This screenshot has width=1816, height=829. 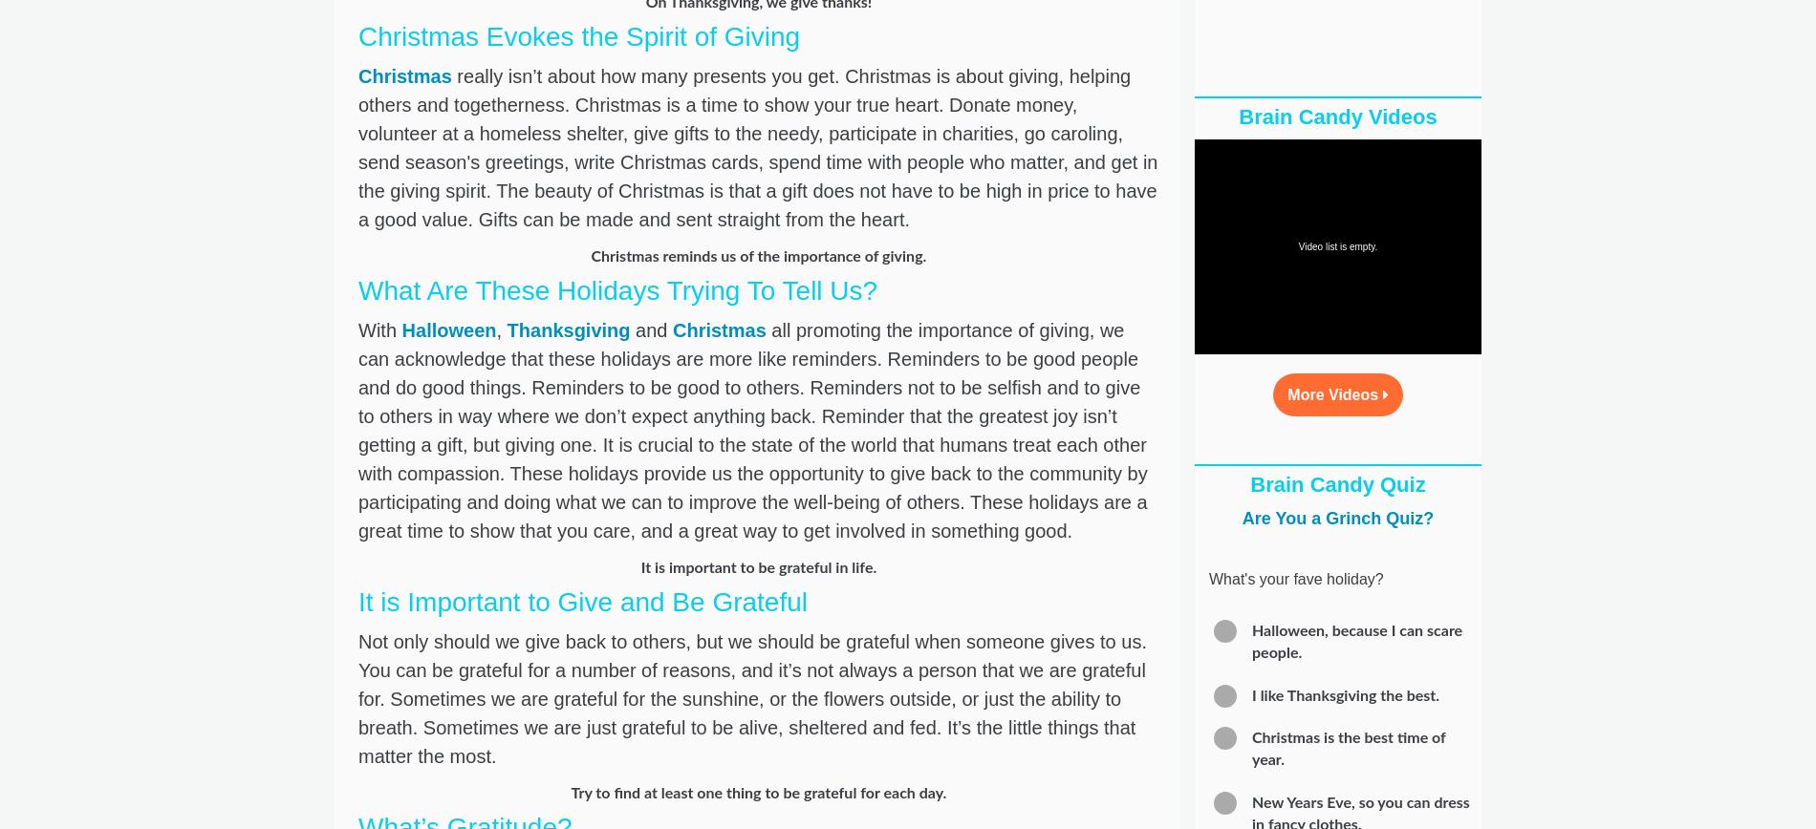 What do you see at coordinates (357, 698) in the screenshot?
I see `'Not only should we give back to others, but we should be grateful when someone gives to us. You can be grateful for a number of reasons, and it’s not always a person that we are grateful for. Sometimes we are grateful for the sunshine, or the flowers outside, or just the ability to breath. Sometimes we are just grateful to be alive, sheltered and fed. It’s the little things that matter the most.'` at bounding box center [357, 698].